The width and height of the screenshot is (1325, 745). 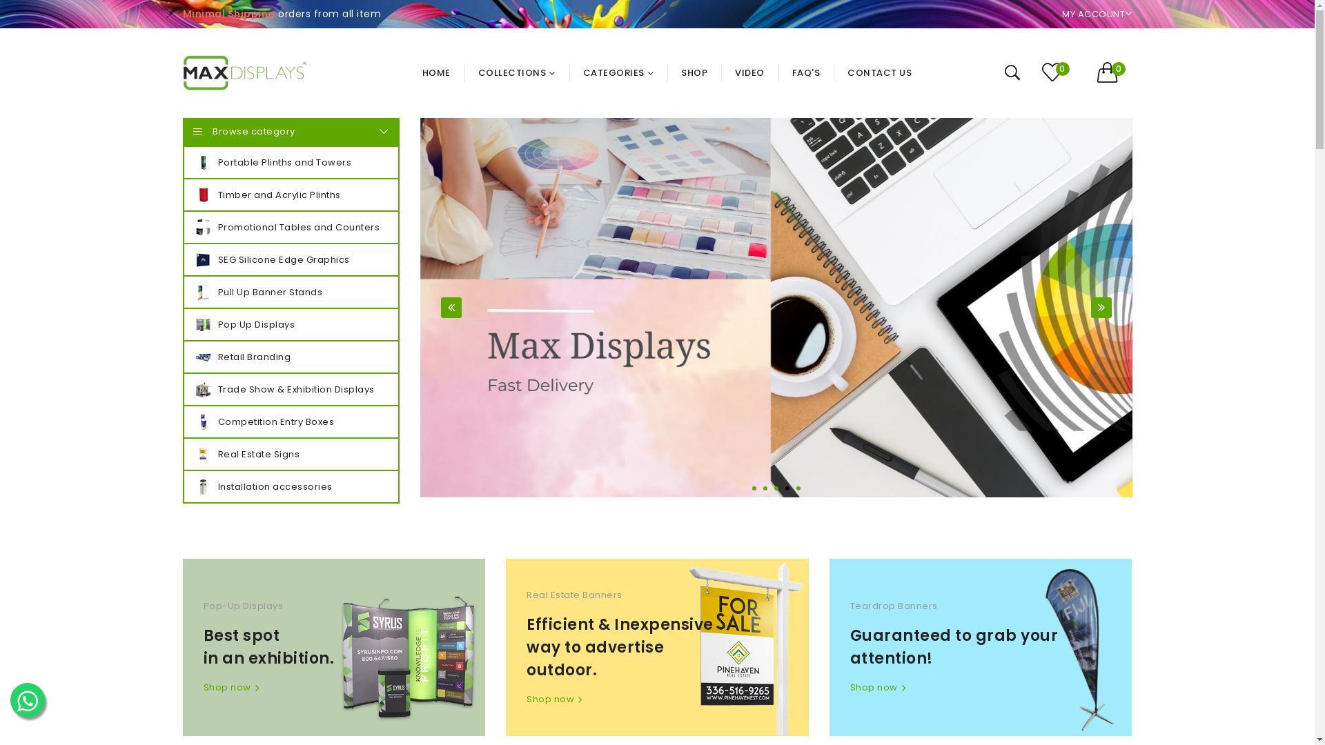 What do you see at coordinates (290, 195) in the screenshot?
I see `'Timber and Acrylic Plinths'` at bounding box center [290, 195].